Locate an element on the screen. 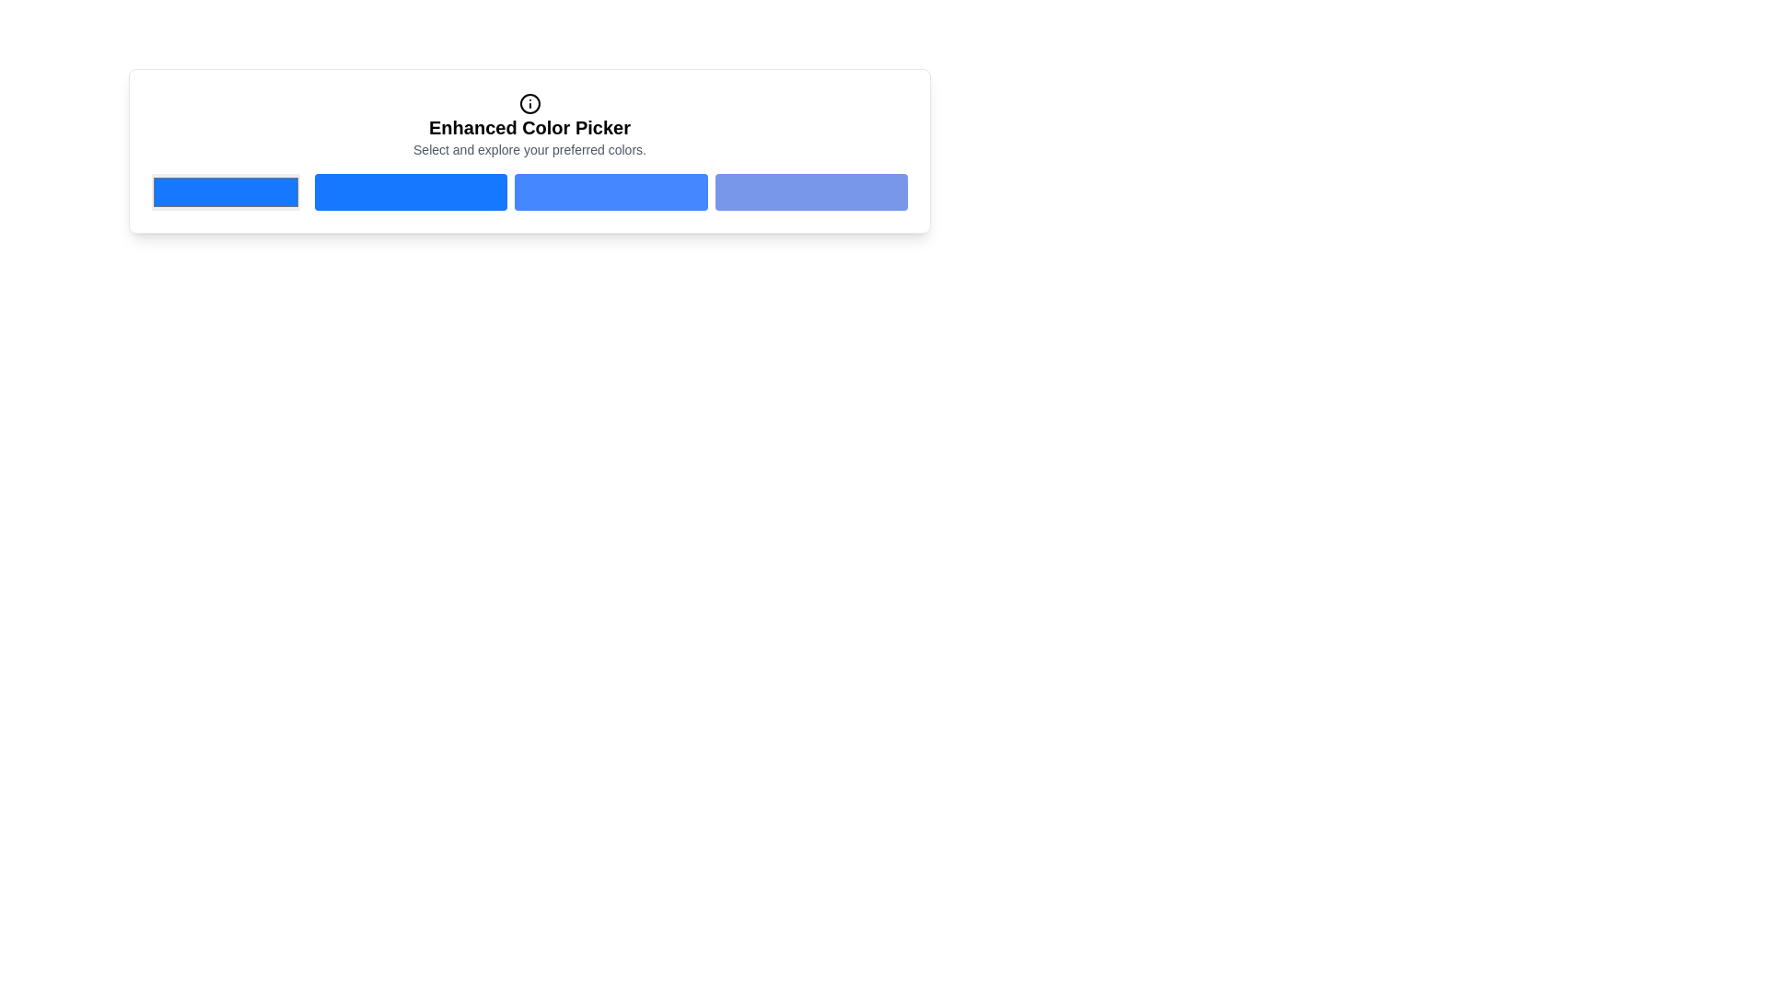 Image resolution: width=1768 pixels, height=994 pixels. the blue color selection box in the Enhanced Color Picker section is located at coordinates (225, 191).